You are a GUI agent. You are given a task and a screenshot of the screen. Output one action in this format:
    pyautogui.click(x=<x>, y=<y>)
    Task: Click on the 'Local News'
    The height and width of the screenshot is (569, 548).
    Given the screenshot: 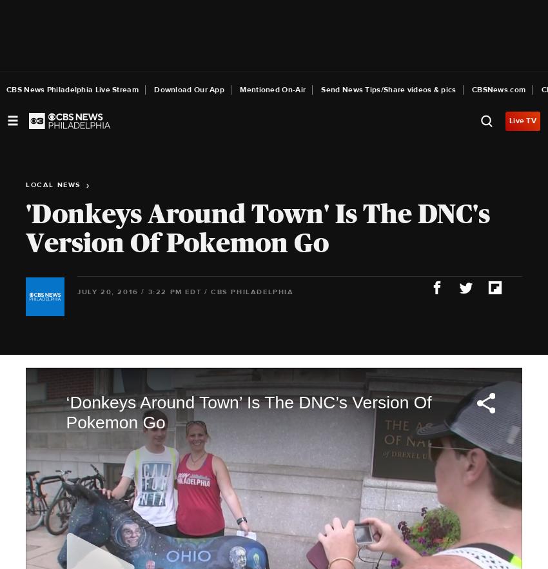 What is the action you would take?
    pyautogui.click(x=55, y=184)
    